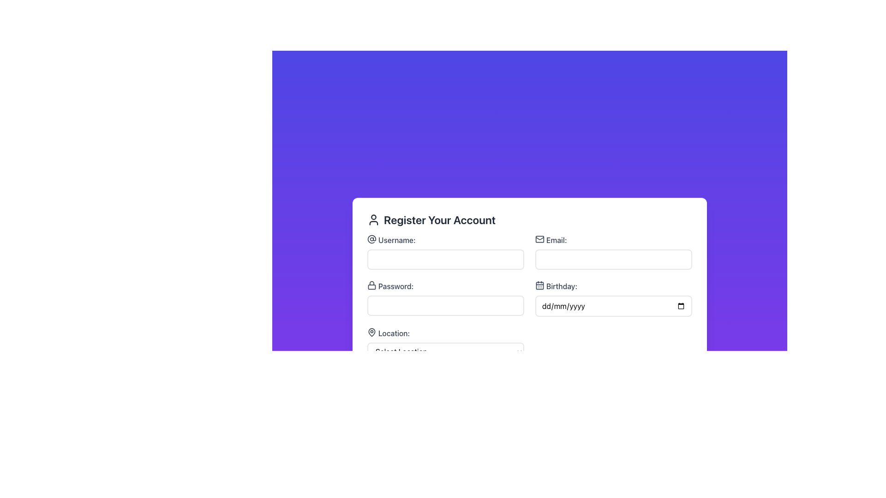  I want to click on the '@' icon located to the left of the Username label in the form section, so click(372, 239).